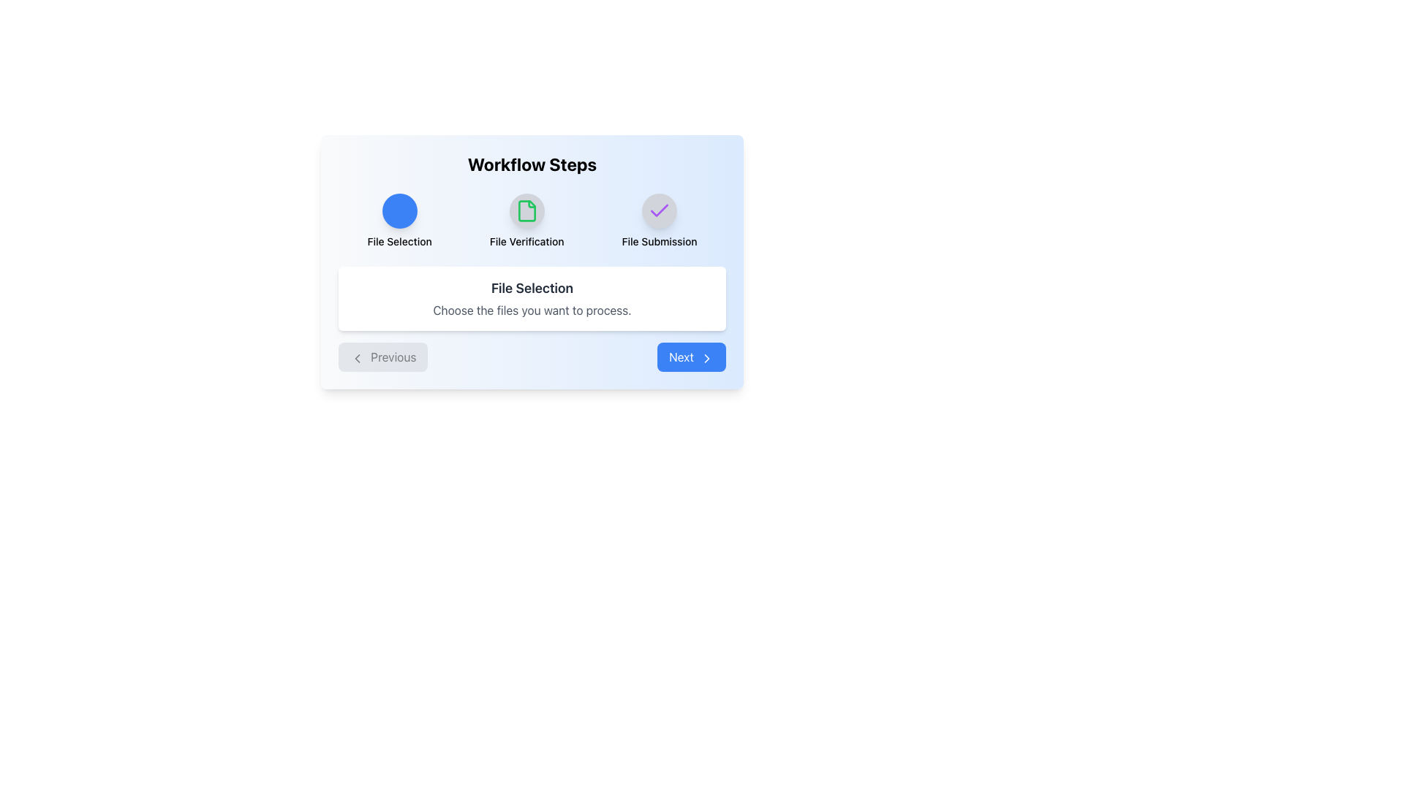 The image size is (1404, 789). I want to click on the 'File Selection' icon in the workflow steps, which is the leftmost element in a horizontal set of three steps labeled 'File Selection,' 'File Verification,' and 'File Submission.', so click(399, 221).